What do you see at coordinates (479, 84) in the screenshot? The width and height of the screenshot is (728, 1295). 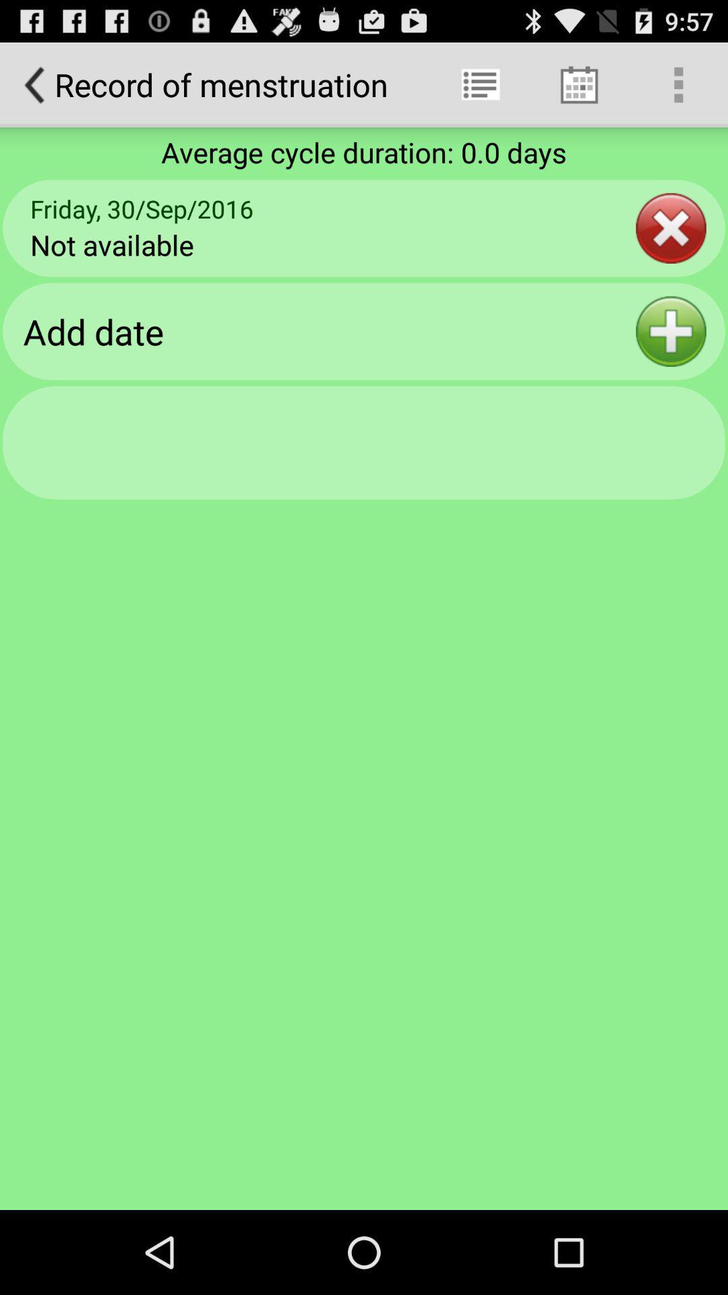 I see `the app next to record of menstruation app` at bounding box center [479, 84].